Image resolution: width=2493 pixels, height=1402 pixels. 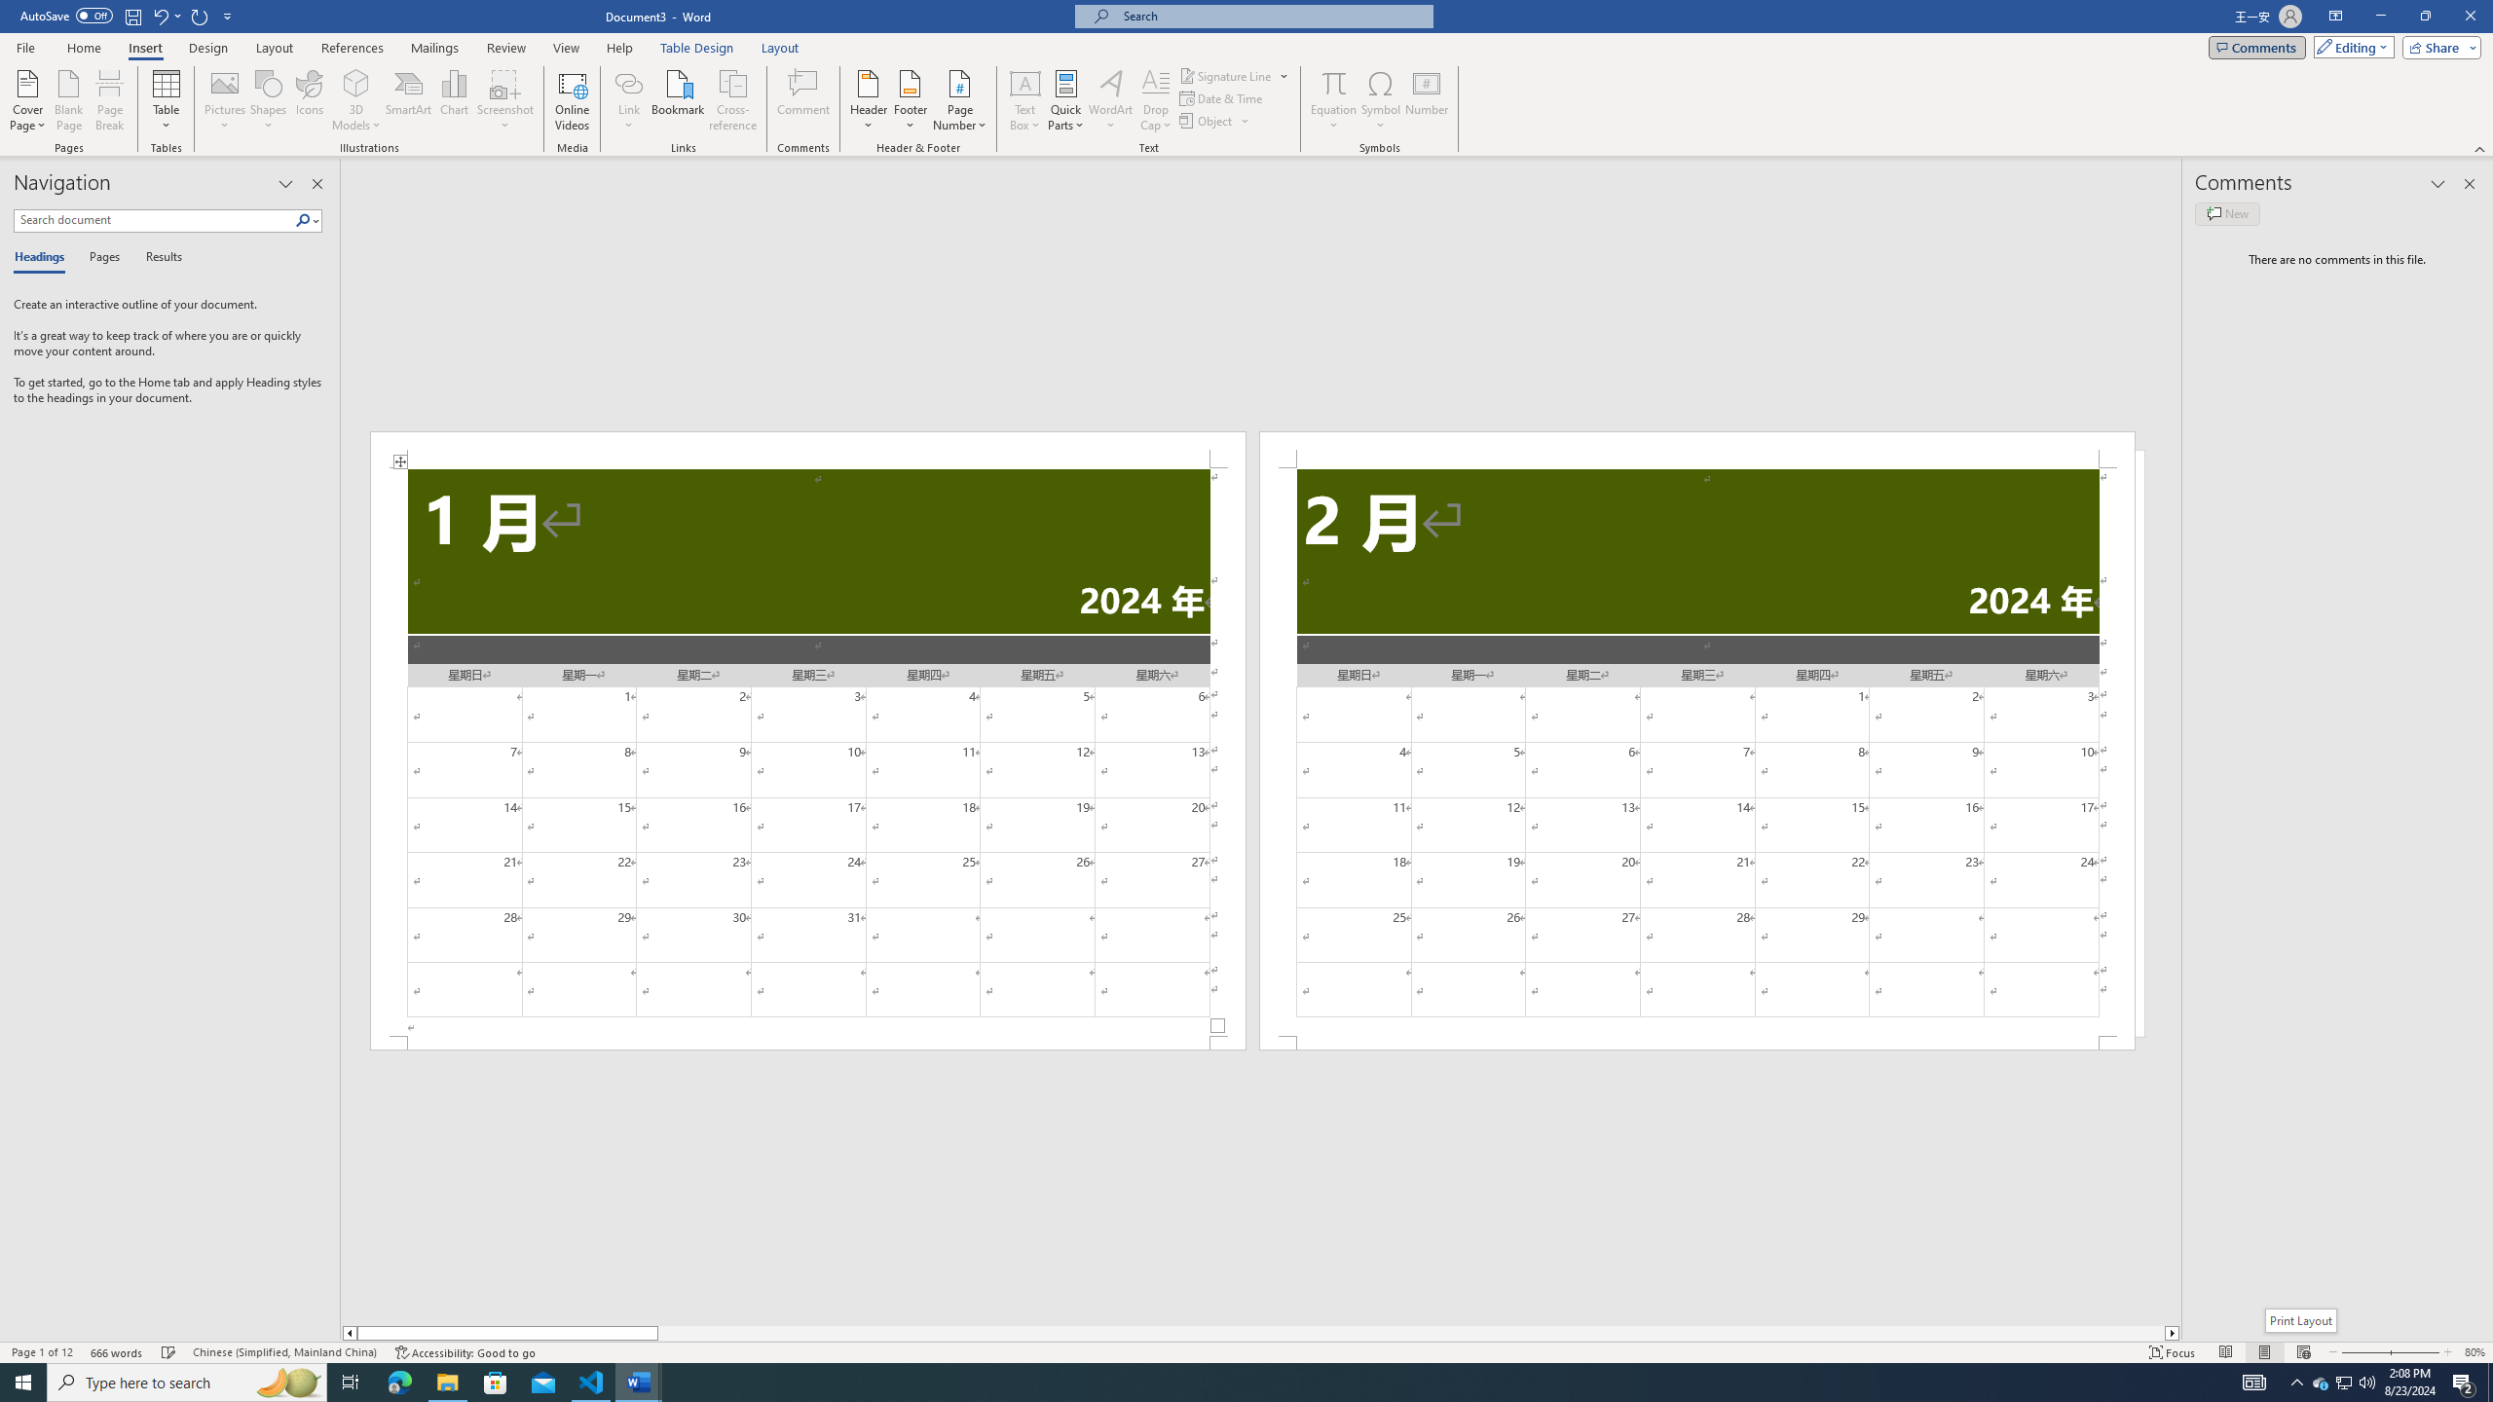 What do you see at coordinates (356, 82) in the screenshot?
I see `'3D Models'` at bounding box center [356, 82].